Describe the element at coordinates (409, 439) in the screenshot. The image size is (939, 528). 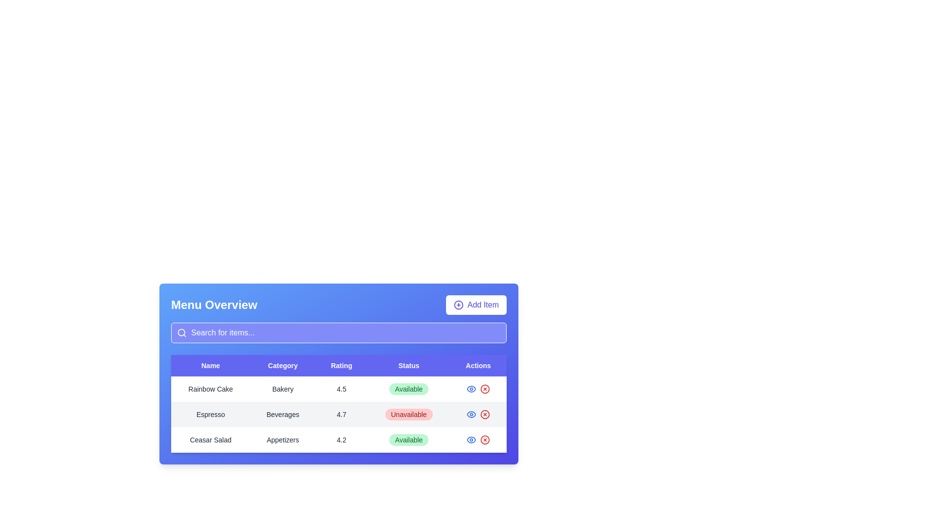
I see `the pill-shaped label with a light green background and darker green text that reads 'Available', located in the 'Status' column of the 'Menu Overview' card corresponding to 'Ceasar Salad'` at that location.